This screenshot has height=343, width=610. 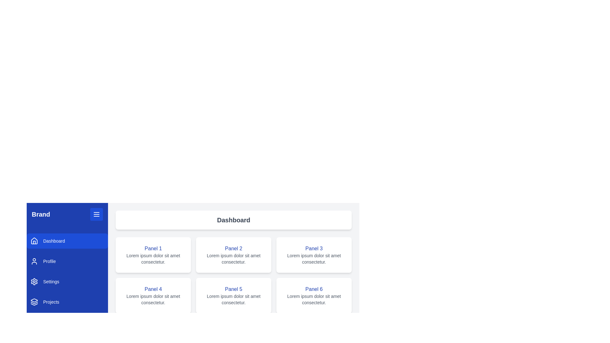 I want to click on the Text Display element that provides supplemental information related to the title 'Panel 1', positioned below the 'Panel 1' text in the first column of the grid layout, so click(x=153, y=259).